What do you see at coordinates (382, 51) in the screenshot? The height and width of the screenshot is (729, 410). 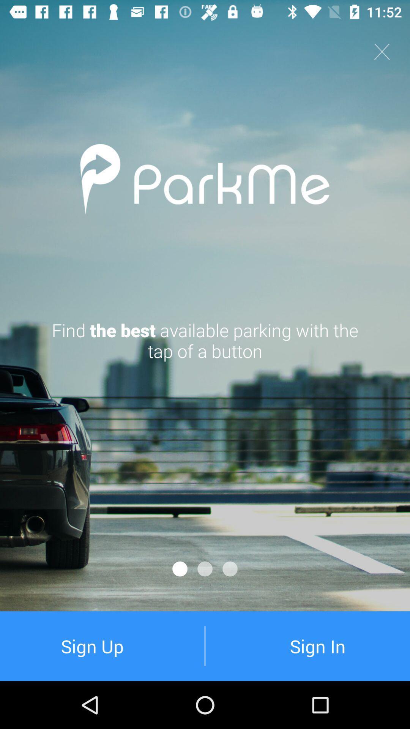 I see `the screen` at bounding box center [382, 51].